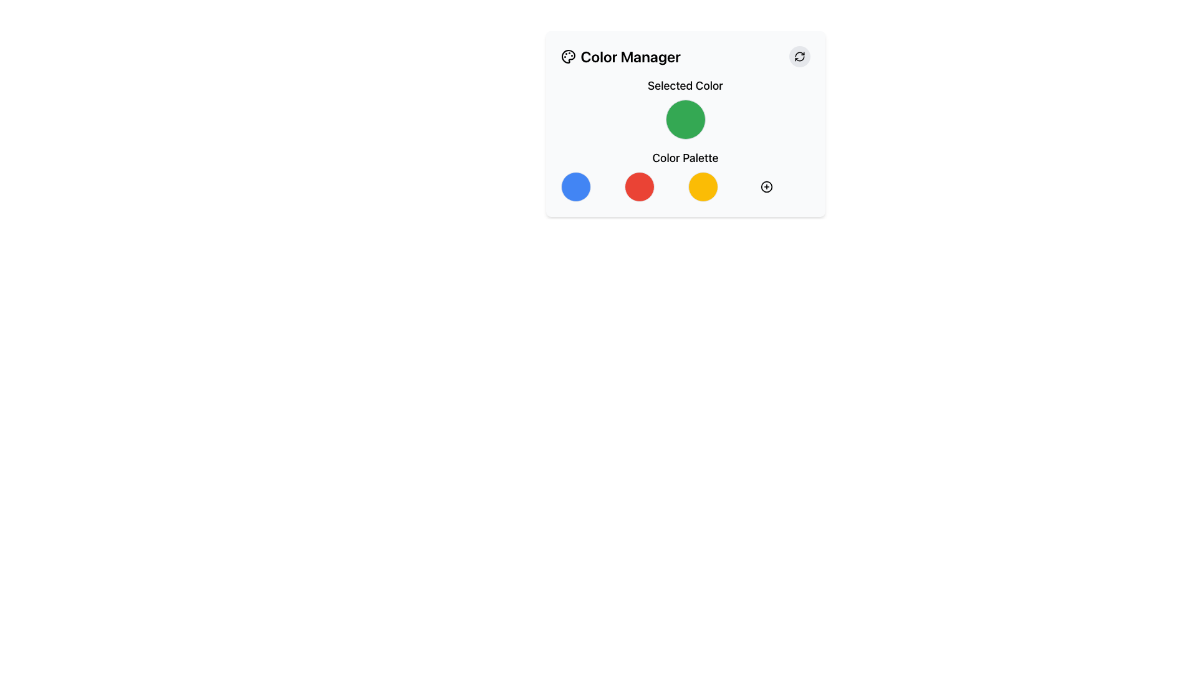  I want to click on the circular artist's palette icon located in the top-left corner of the 'Color Manager' interface, which is immediately to the left of the 'Color Manager' title text, so click(567, 57).